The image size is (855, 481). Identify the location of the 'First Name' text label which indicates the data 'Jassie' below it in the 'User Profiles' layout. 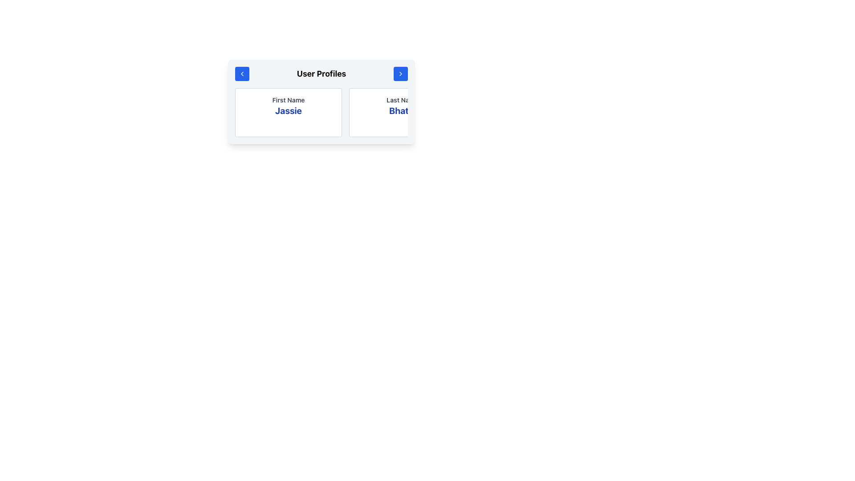
(289, 100).